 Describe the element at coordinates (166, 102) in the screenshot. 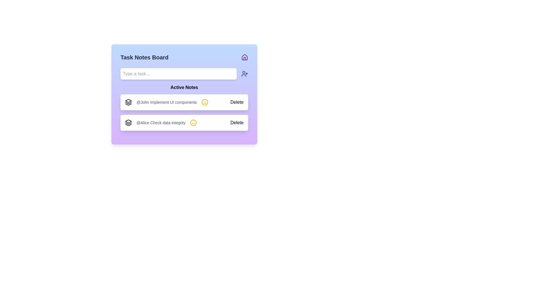

I see `the static text display that shows the task's description or title in the first task item of the 'Active Notes' section, located to the left of a yellow smiley face icon and to the right of a stack-shaped icon` at that location.